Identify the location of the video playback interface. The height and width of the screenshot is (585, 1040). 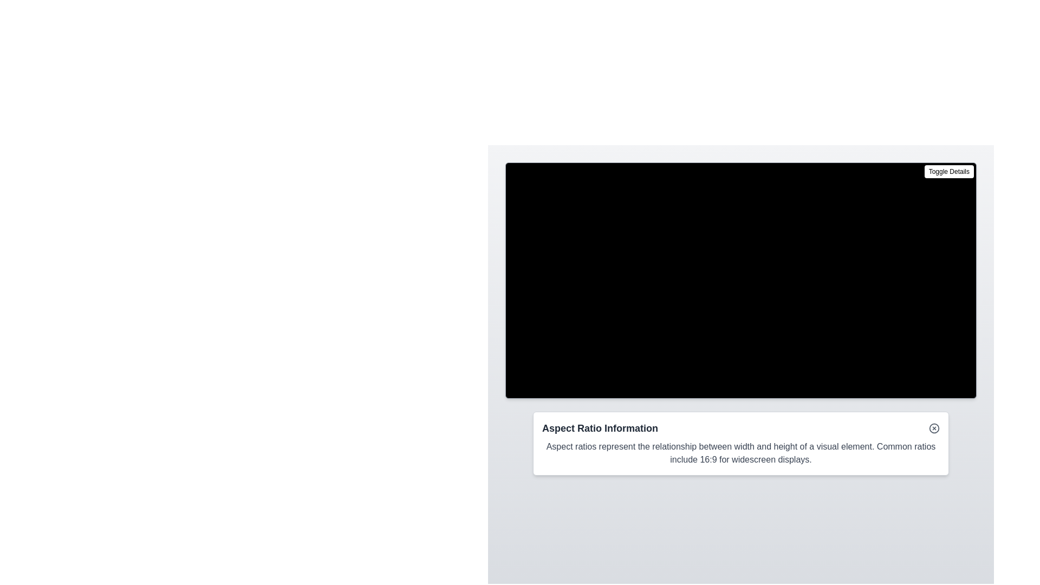
(740, 279).